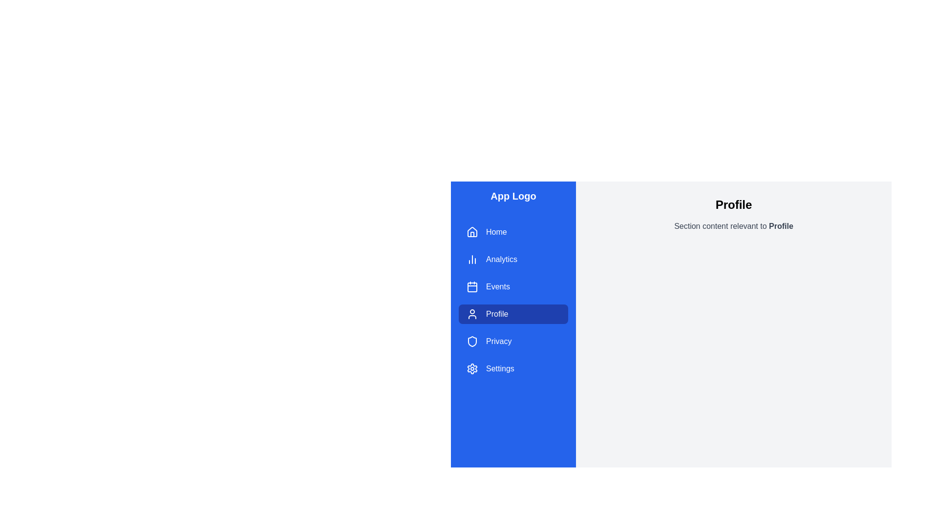 The image size is (938, 527). What do you see at coordinates (472, 369) in the screenshot?
I see `the gear icon representing settings, located on the left vertical navigation bar next to the 'Settings' label` at bounding box center [472, 369].